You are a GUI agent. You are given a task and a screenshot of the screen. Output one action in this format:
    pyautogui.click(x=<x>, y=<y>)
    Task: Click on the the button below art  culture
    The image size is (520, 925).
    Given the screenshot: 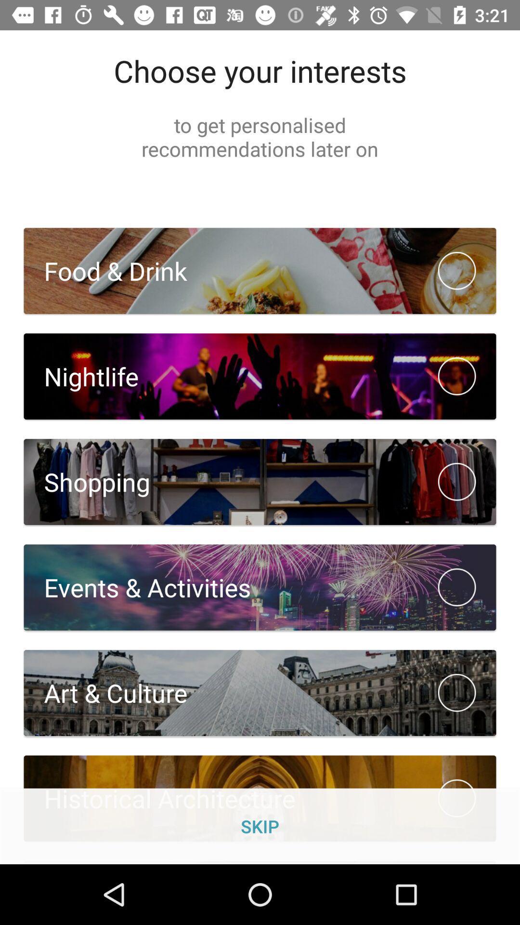 What is the action you would take?
    pyautogui.click(x=260, y=798)
    